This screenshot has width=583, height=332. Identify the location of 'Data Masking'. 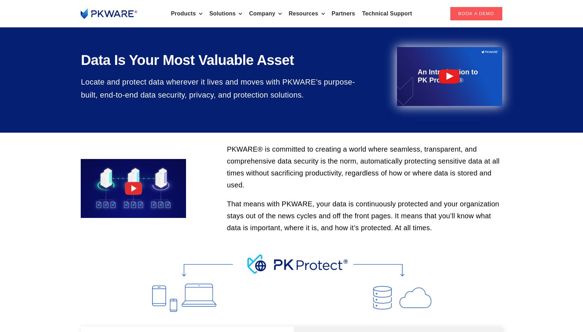
(92, 97).